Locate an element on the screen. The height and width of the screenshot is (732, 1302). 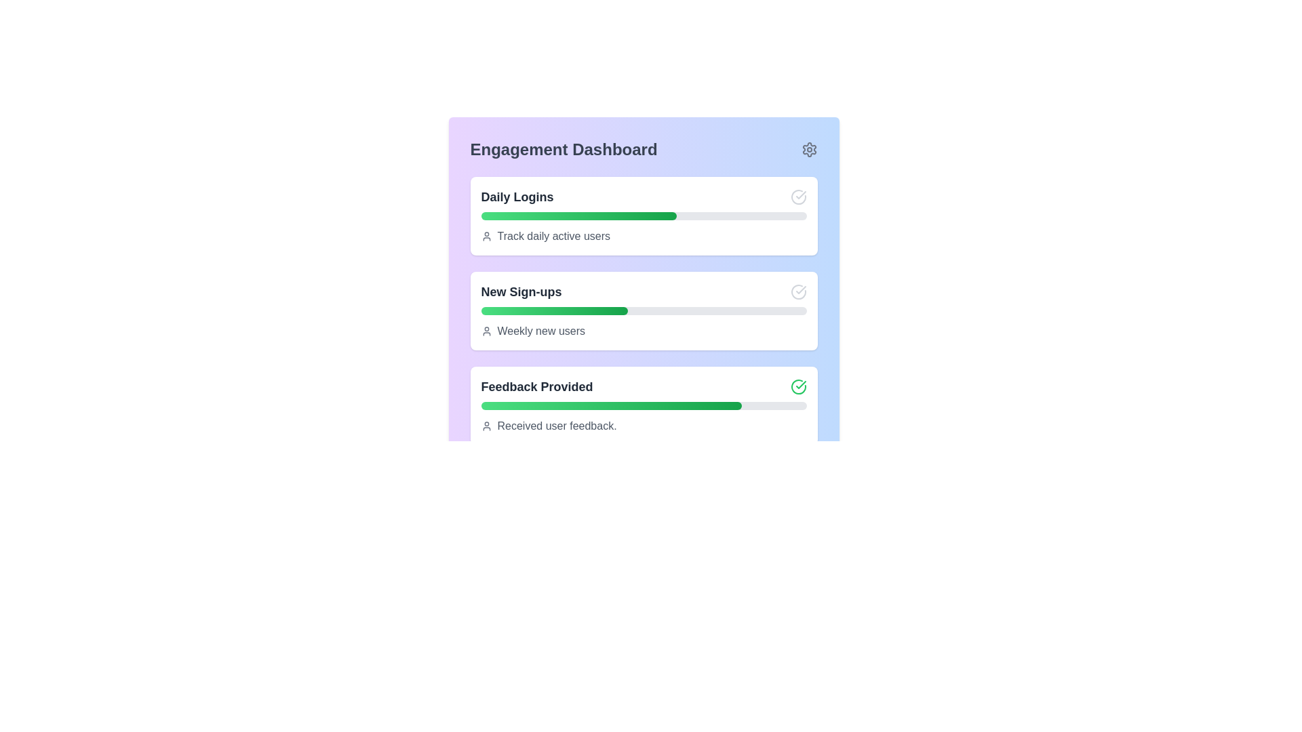
the status of the checkmark icon indicating success, located in the 'Feedback Provided' section on the far-right side is located at coordinates (800, 384).